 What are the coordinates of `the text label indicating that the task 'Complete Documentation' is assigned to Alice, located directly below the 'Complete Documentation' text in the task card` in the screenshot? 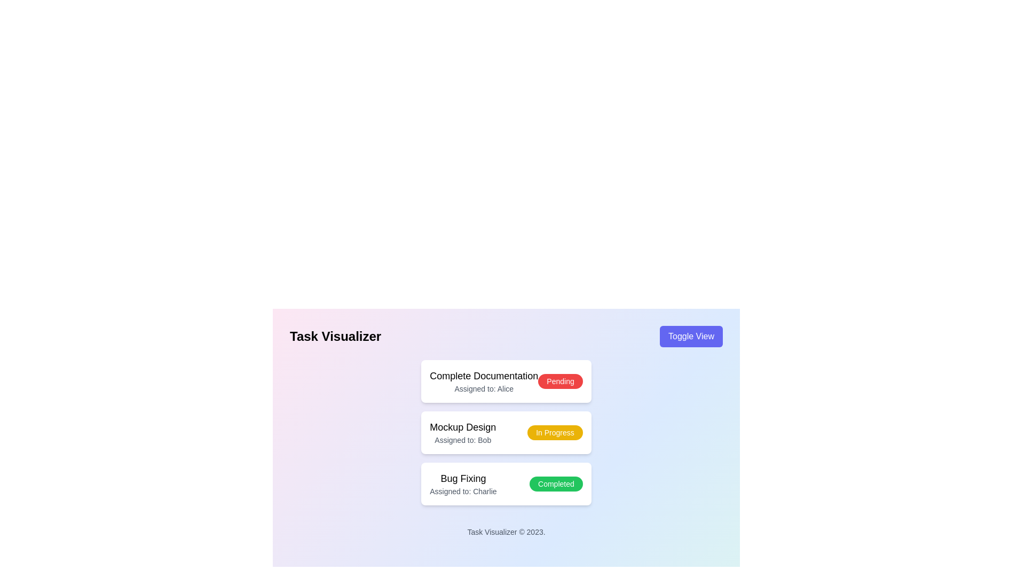 It's located at (483, 389).